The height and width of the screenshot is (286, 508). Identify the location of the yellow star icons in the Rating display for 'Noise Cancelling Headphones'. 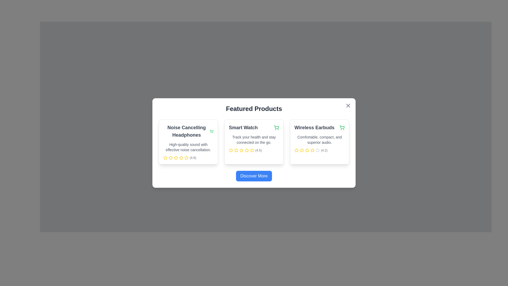
(188, 158).